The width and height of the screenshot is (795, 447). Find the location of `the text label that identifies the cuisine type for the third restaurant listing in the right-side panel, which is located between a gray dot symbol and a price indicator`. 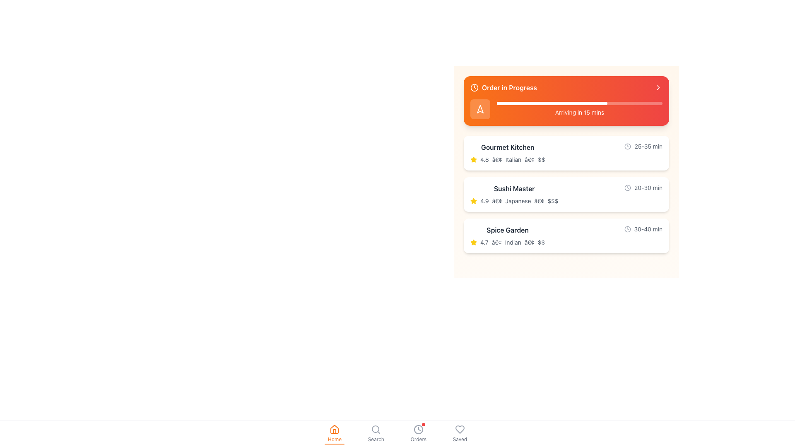

the text label that identifies the cuisine type for the third restaurant listing in the right-side panel, which is located between a gray dot symbol and a price indicator is located at coordinates (513, 242).